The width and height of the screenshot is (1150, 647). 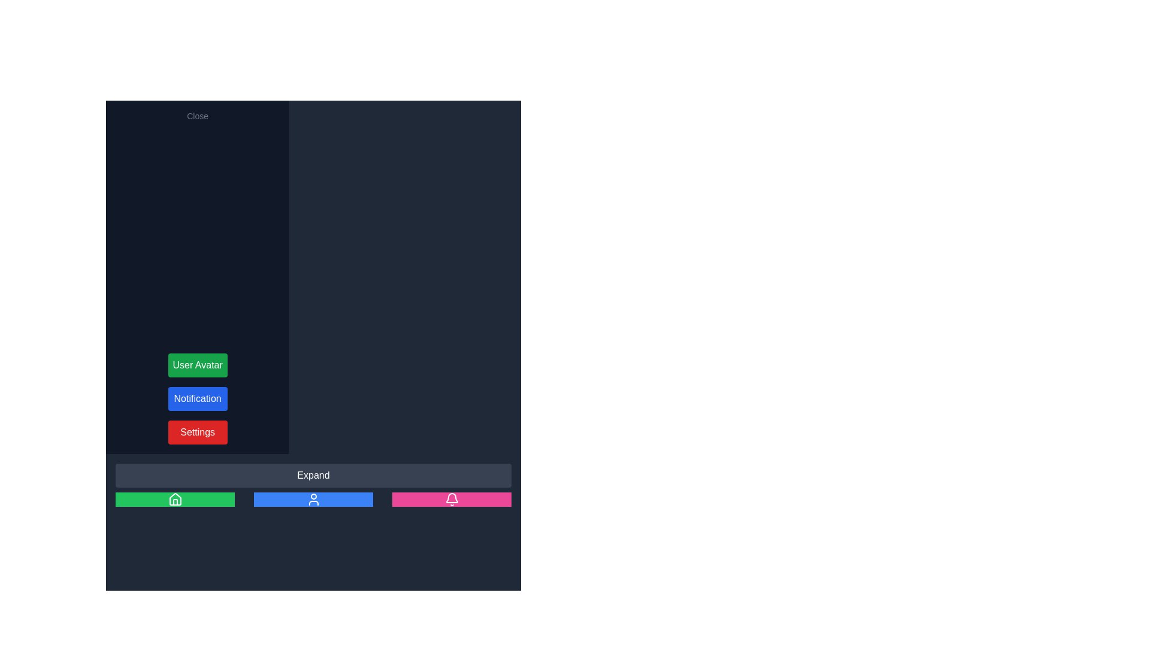 What do you see at coordinates (174, 499) in the screenshot?
I see `the house outline icon button on the green rectangular button at the bottom-center of the interface` at bounding box center [174, 499].